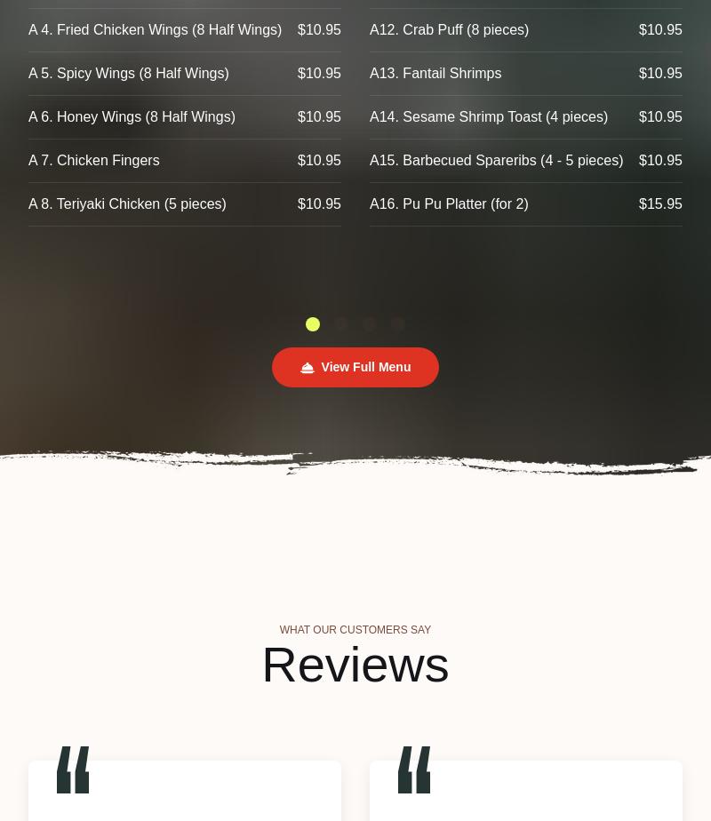  Describe the element at coordinates (370, 203) in the screenshot. I see `'A16. Pu Pu Platter (for 2)'` at that location.